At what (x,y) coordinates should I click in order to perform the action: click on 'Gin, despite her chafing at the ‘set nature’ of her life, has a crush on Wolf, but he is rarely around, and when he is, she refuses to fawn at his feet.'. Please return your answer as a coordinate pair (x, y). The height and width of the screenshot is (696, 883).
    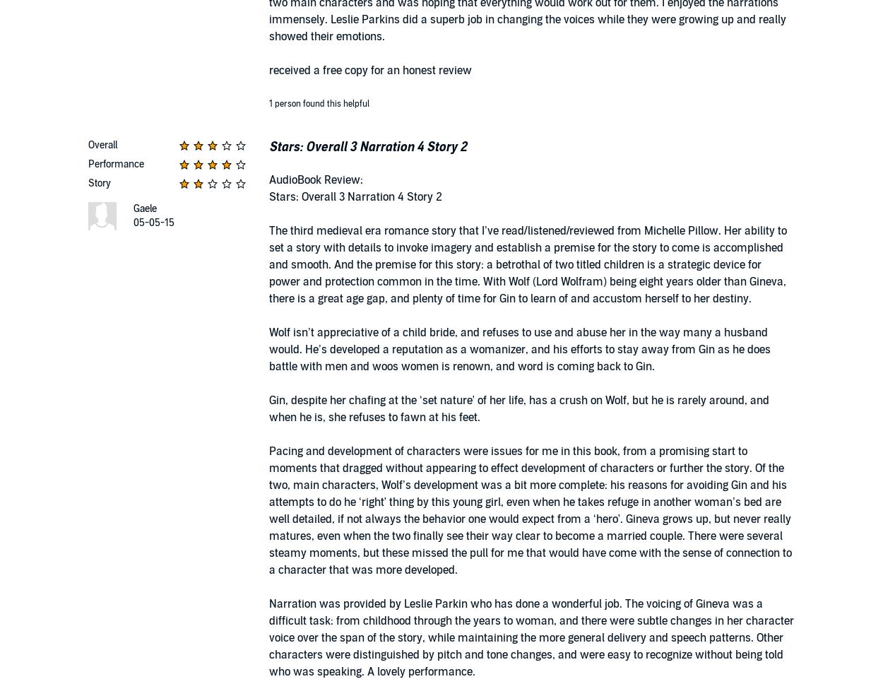
    Looking at the image, I should click on (269, 408).